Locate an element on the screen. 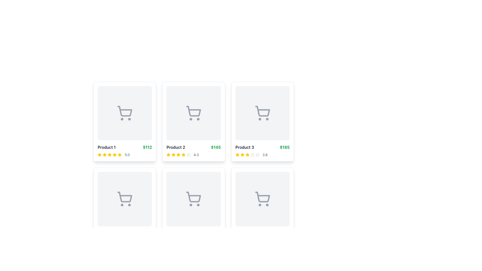 Image resolution: width=482 pixels, height=271 pixels. the fifth bright yellow star icon indicating a rating in the third product card of a grid layout is located at coordinates (247, 155).